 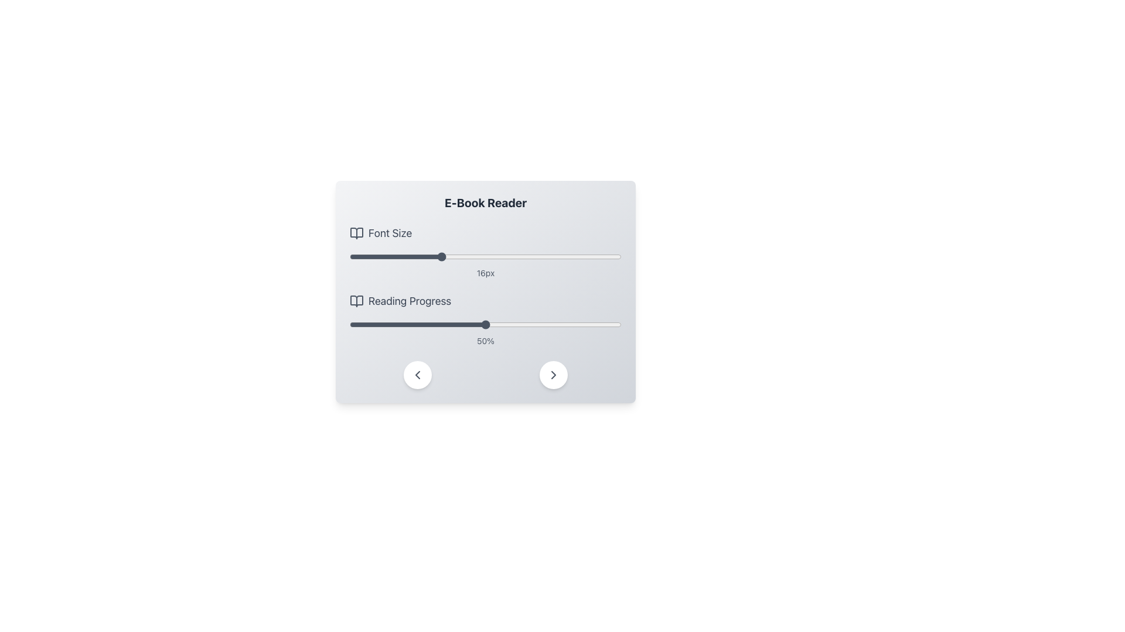 What do you see at coordinates (352, 325) in the screenshot?
I see `the reading progress` at bounding box center [352, 325].